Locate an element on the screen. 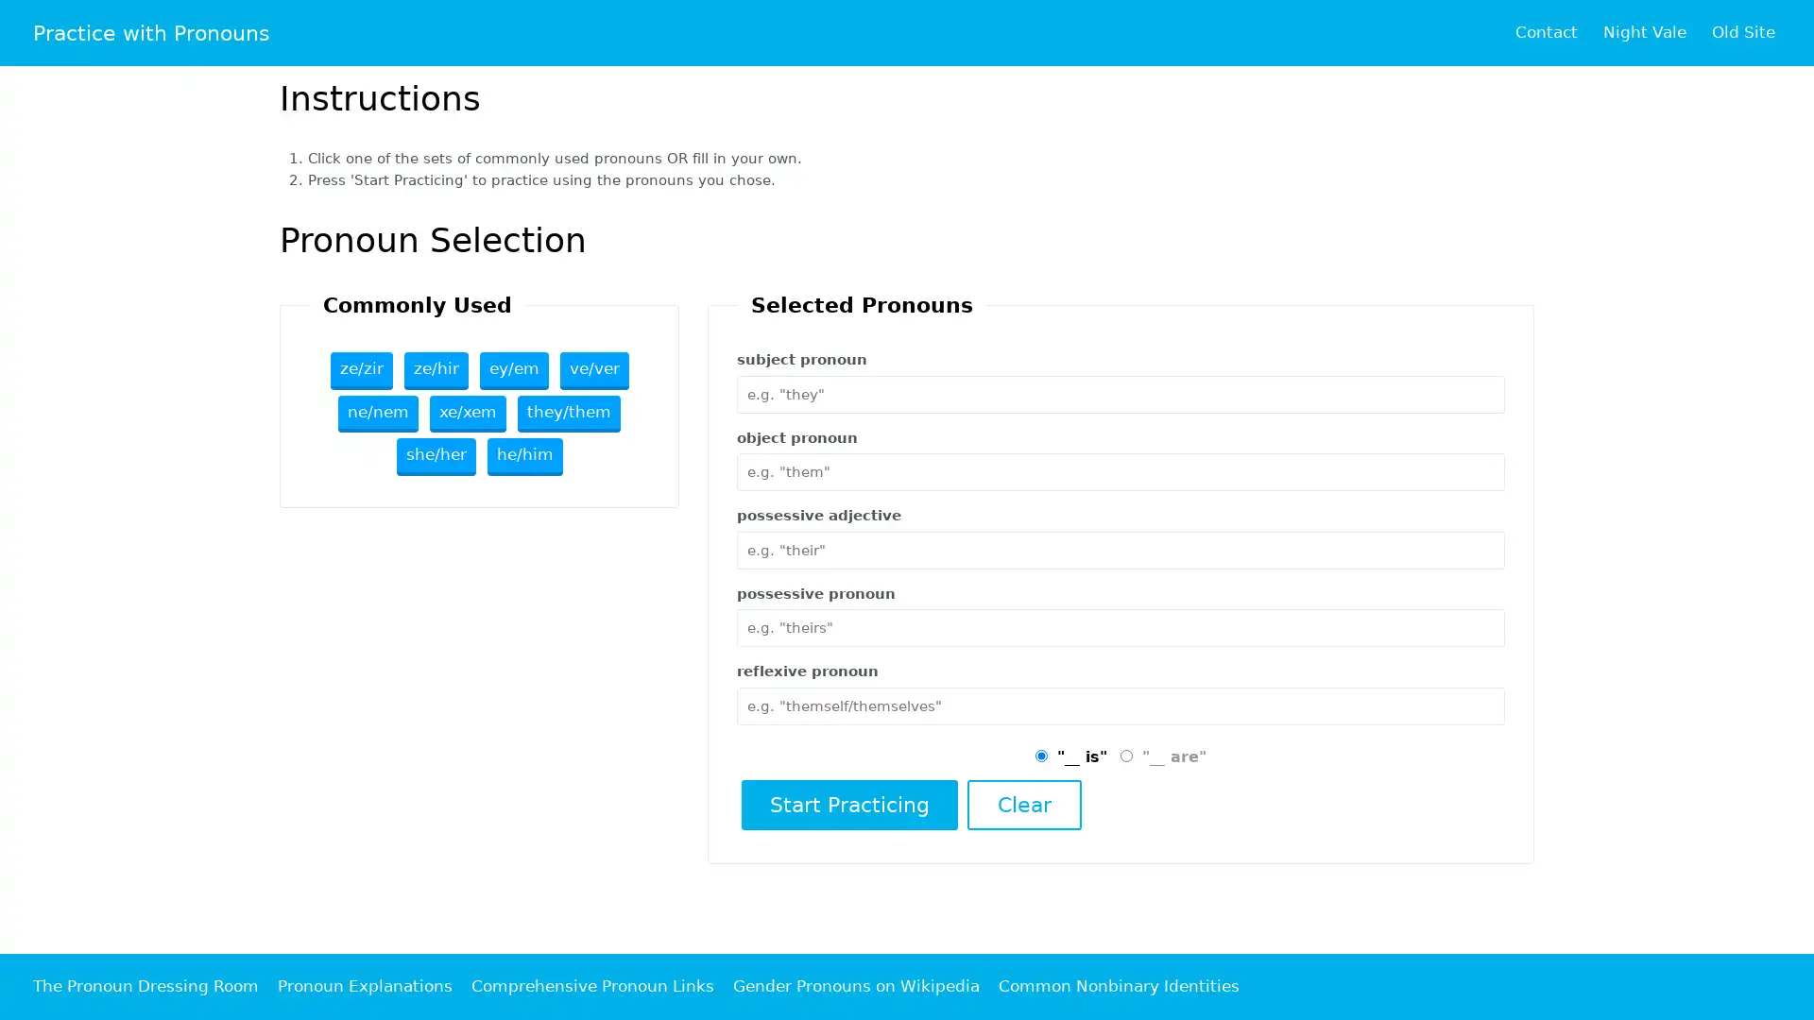 The width and height of the screenshot is (1814, 1020). she/her is located at coordinates (434, 456).